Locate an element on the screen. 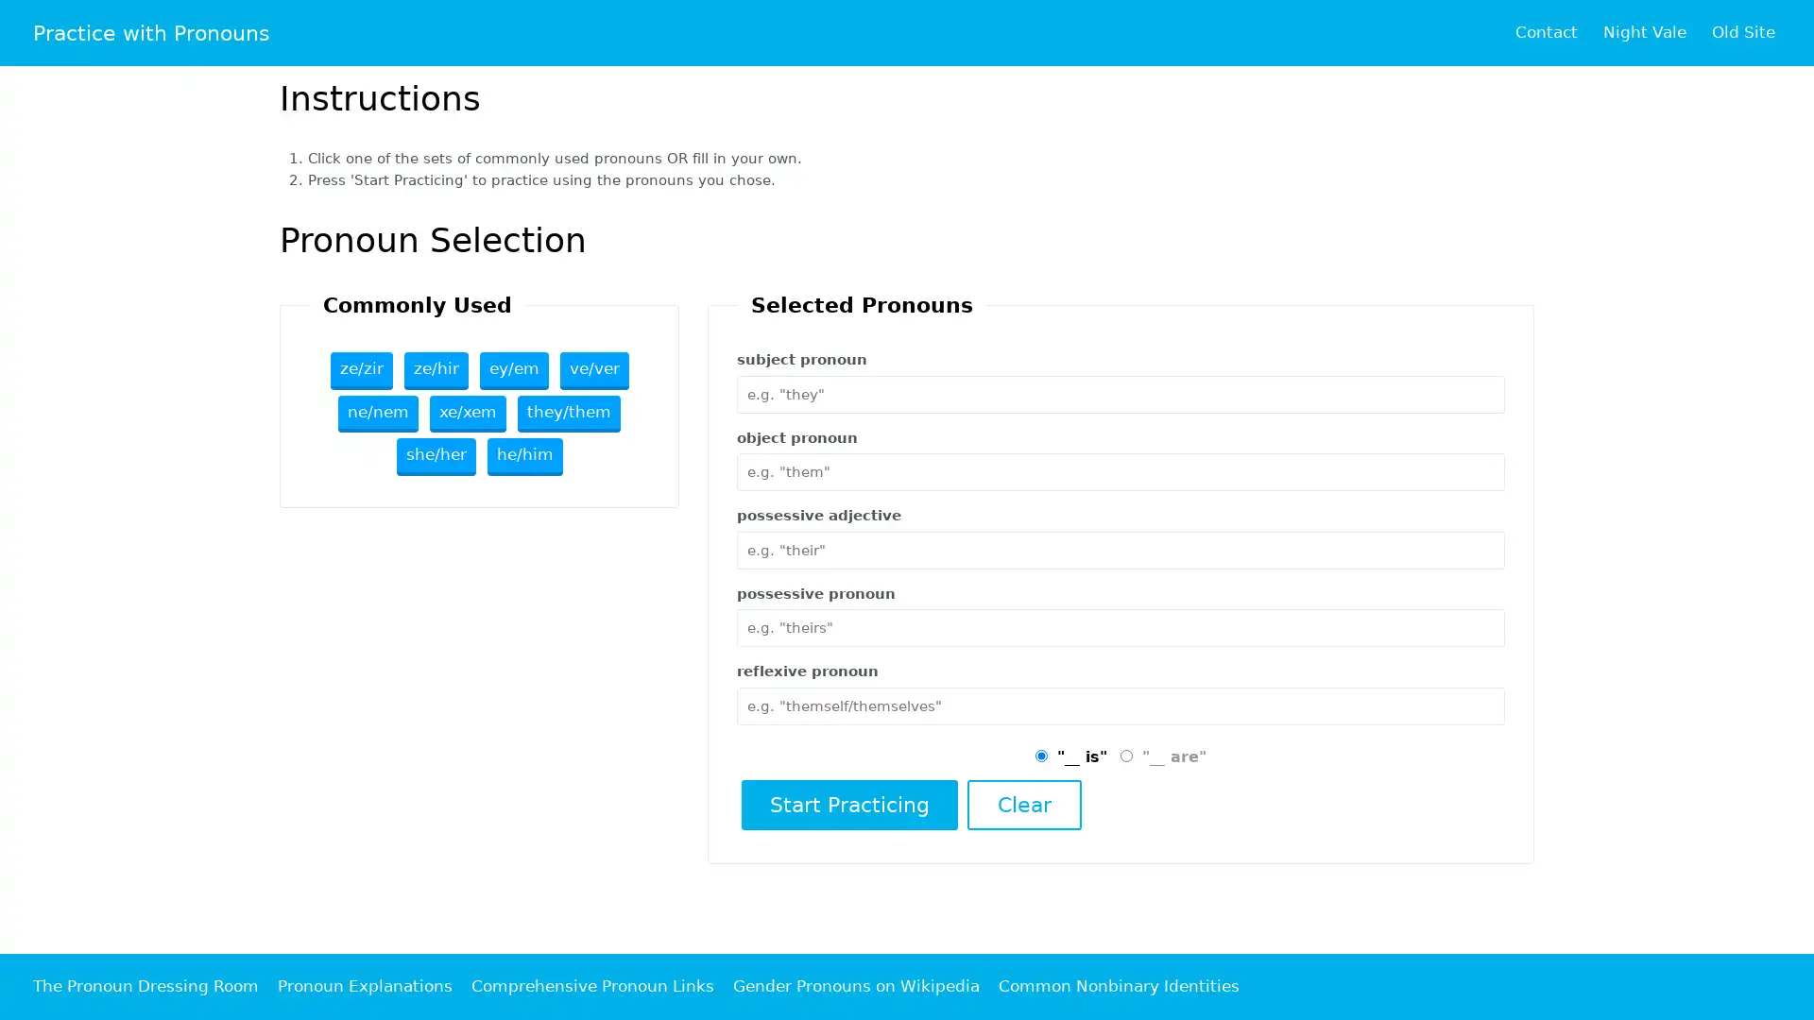 The width and height of the screenshot is (1814, 1020). she/her is located at coordinates (434, 456).